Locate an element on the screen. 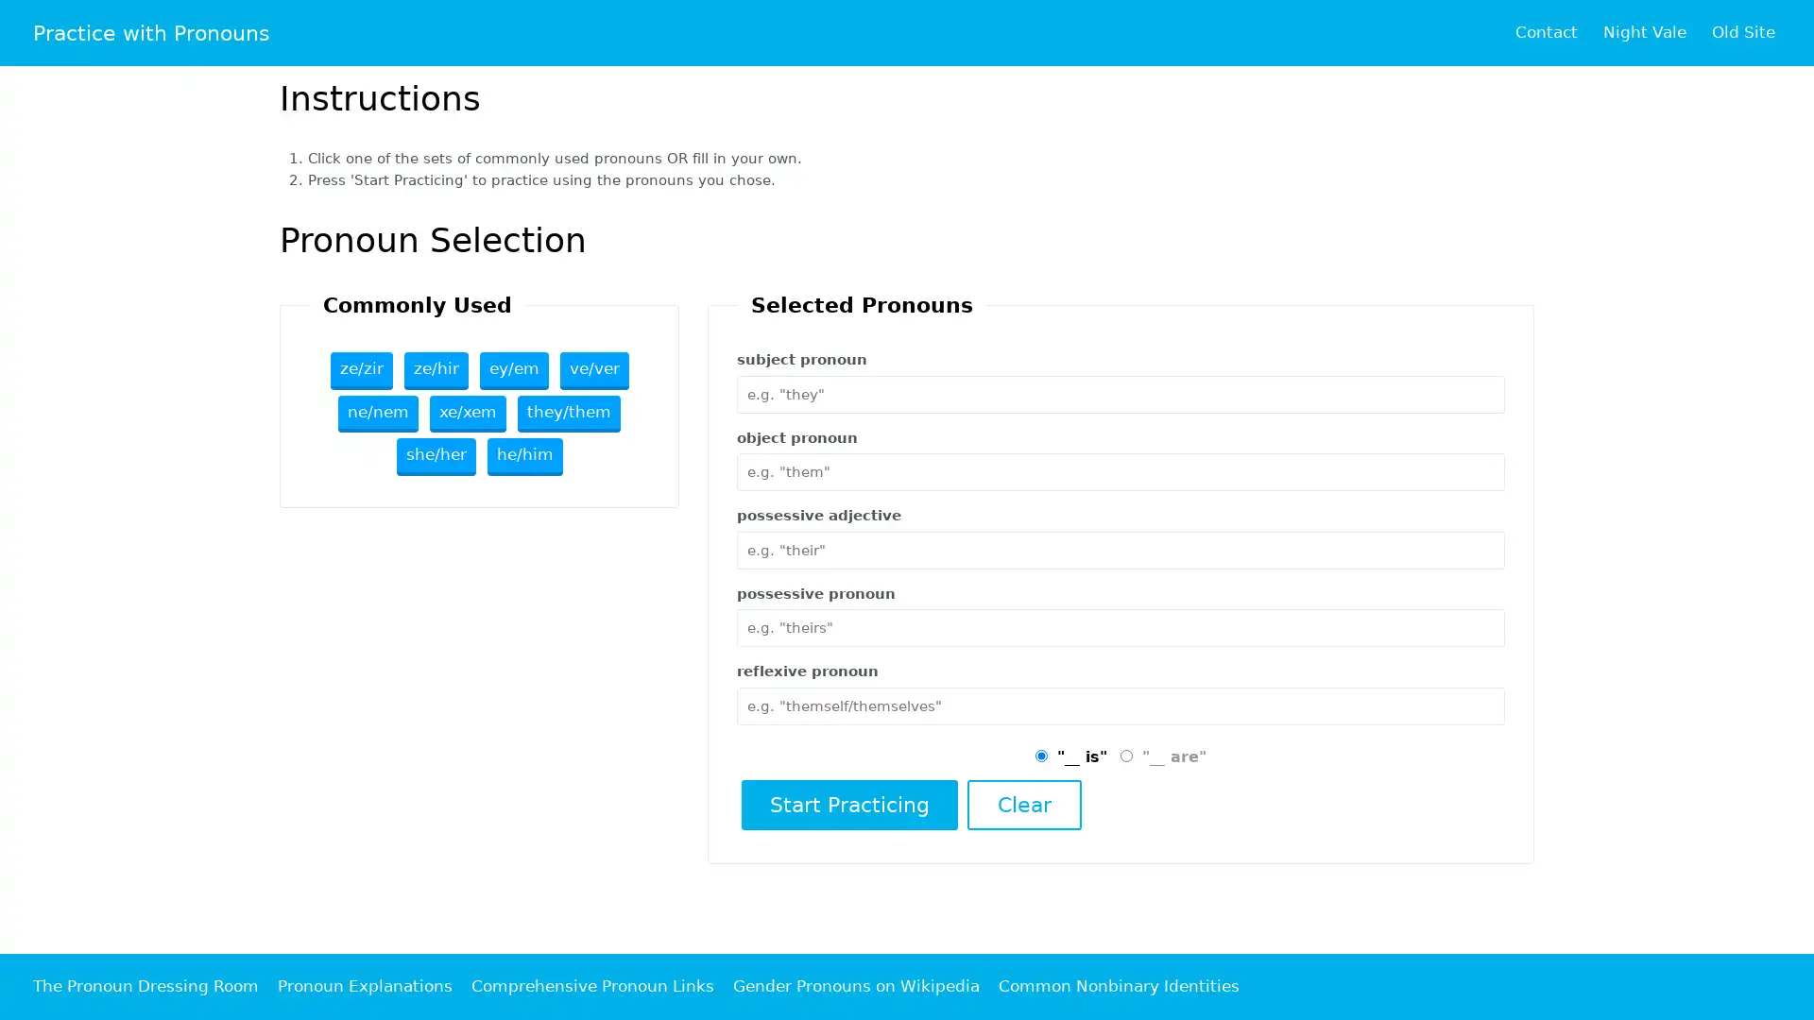 The width and height of the screenshot is (1814, 1020). she/her is located at coordinates (434, 456).